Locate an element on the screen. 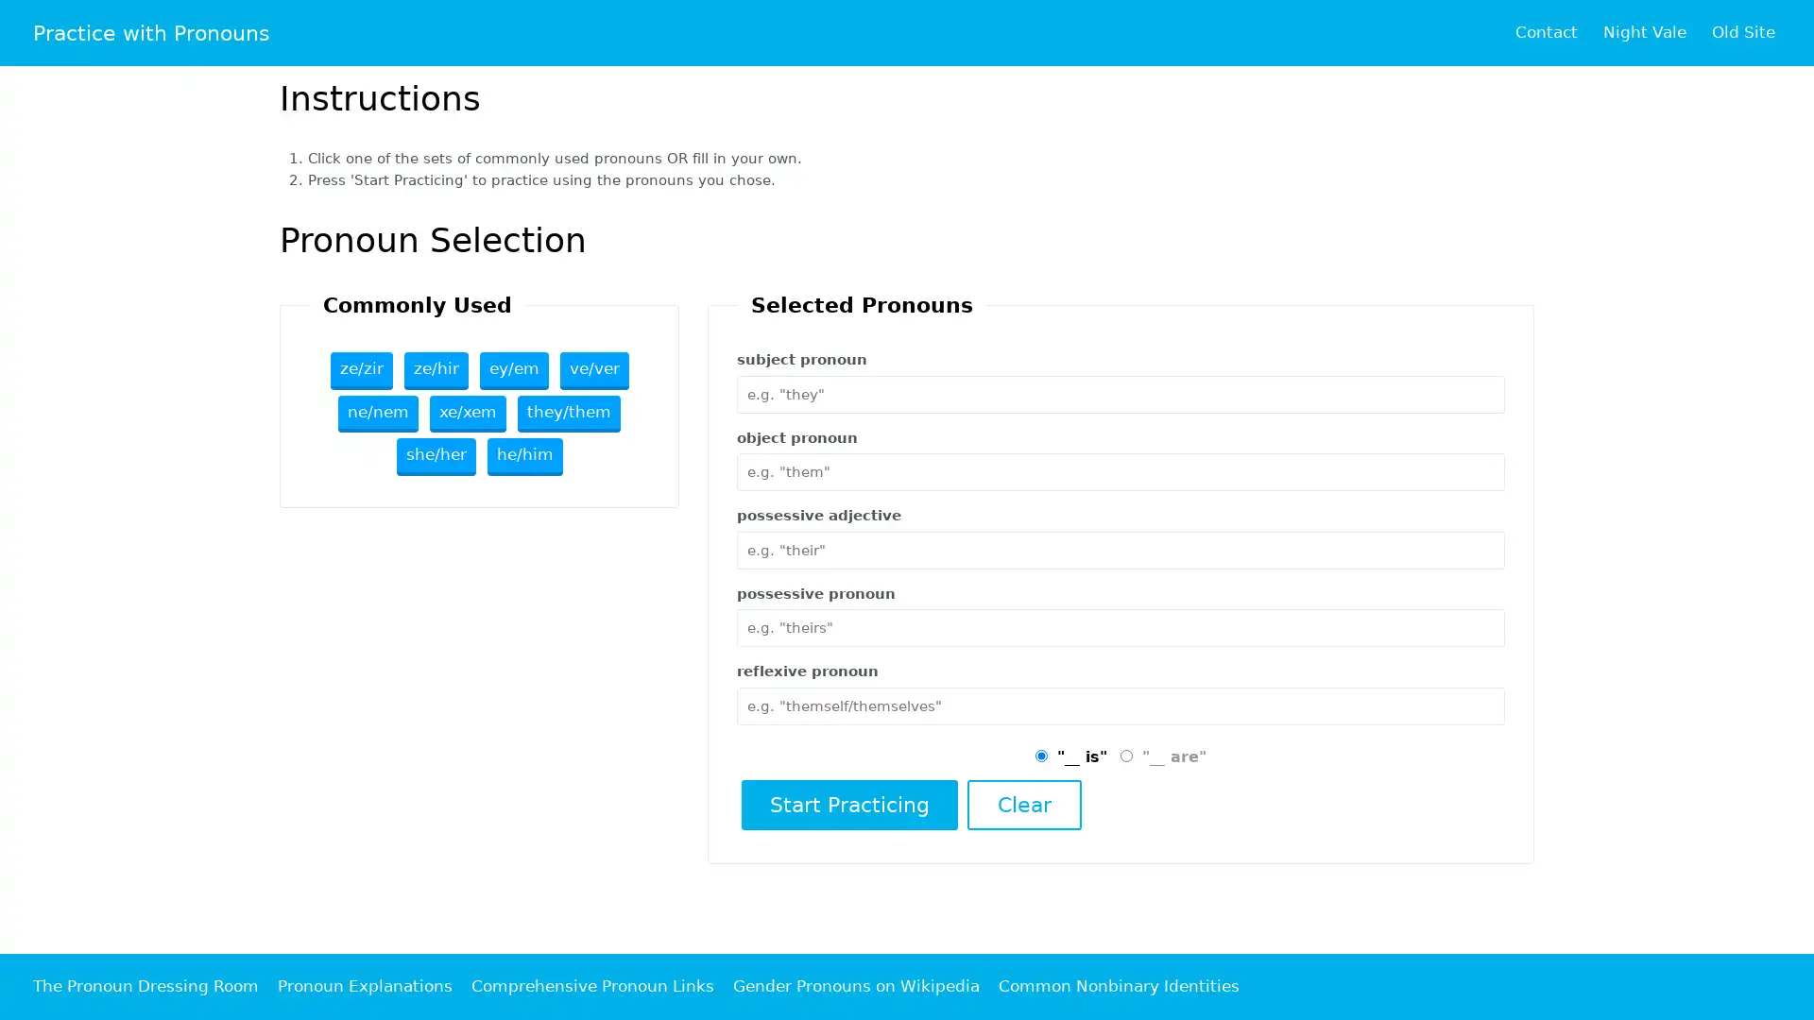 The width and height of the screenshot is (1814, 1020). she/her is located at coordinates (434, 456).